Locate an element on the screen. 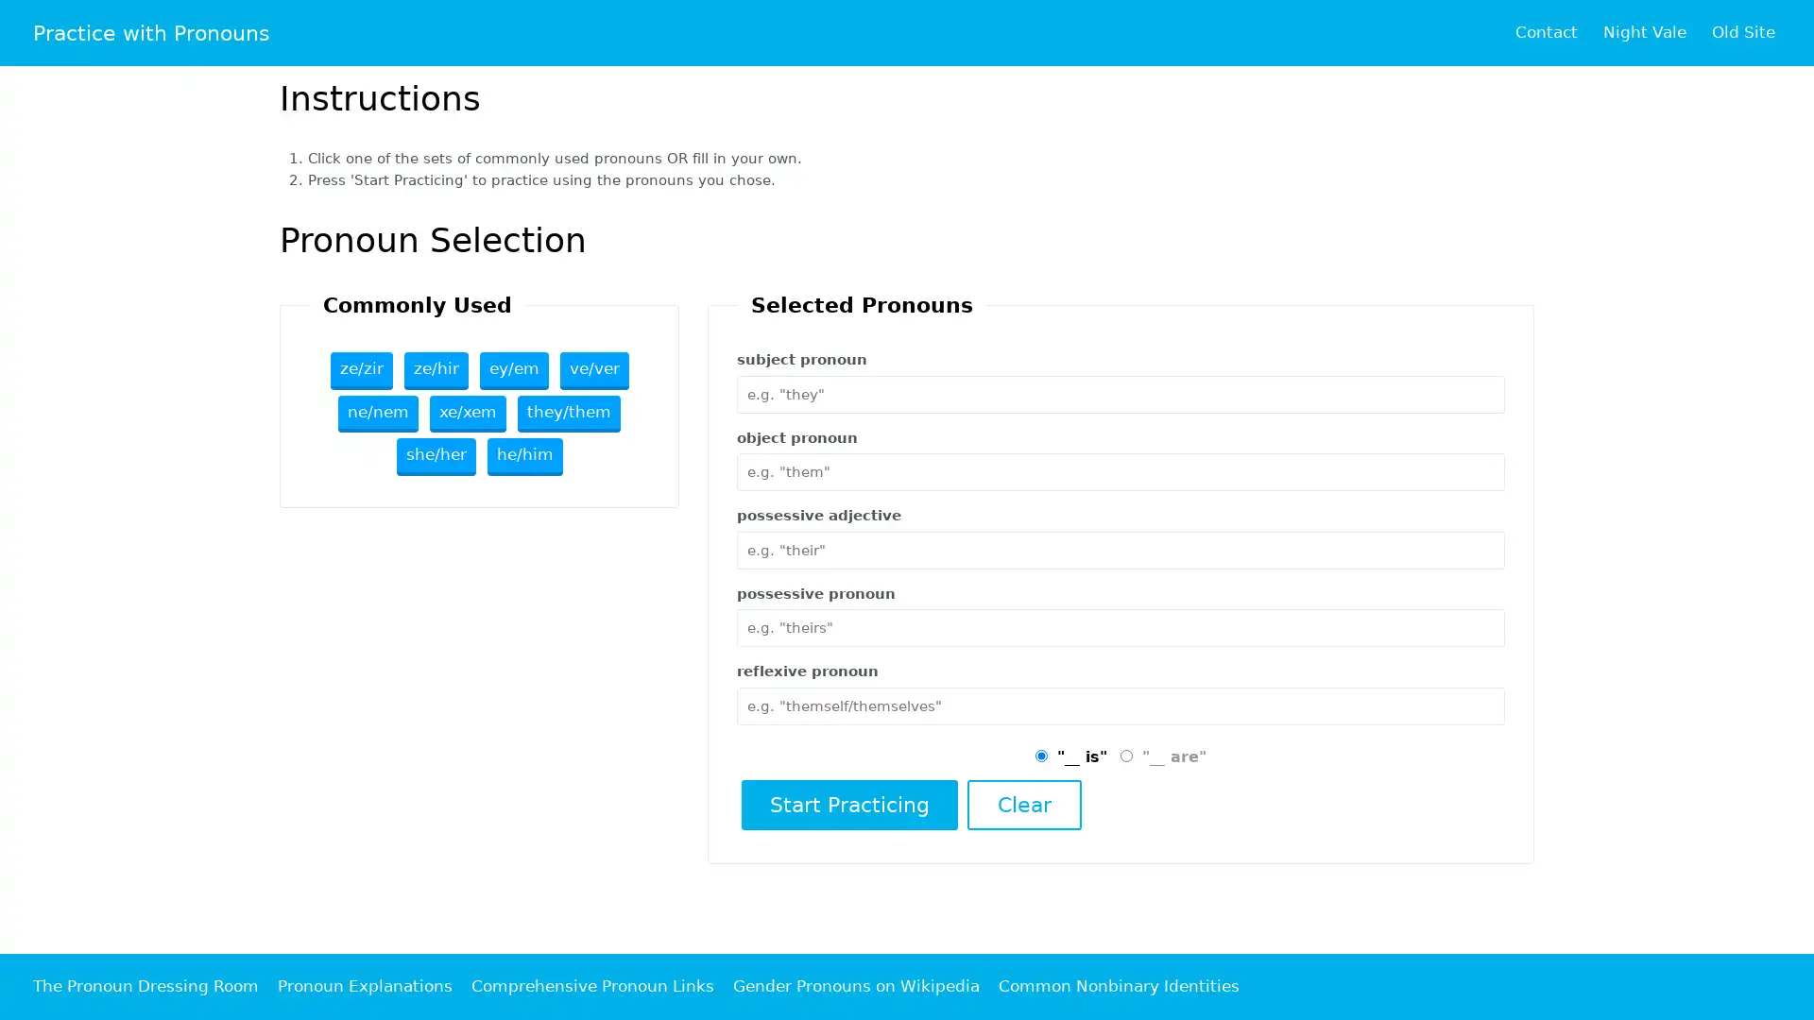 The width and height of the screenshot is (1814, 1020). she/her is located at coordinates (434, 456).